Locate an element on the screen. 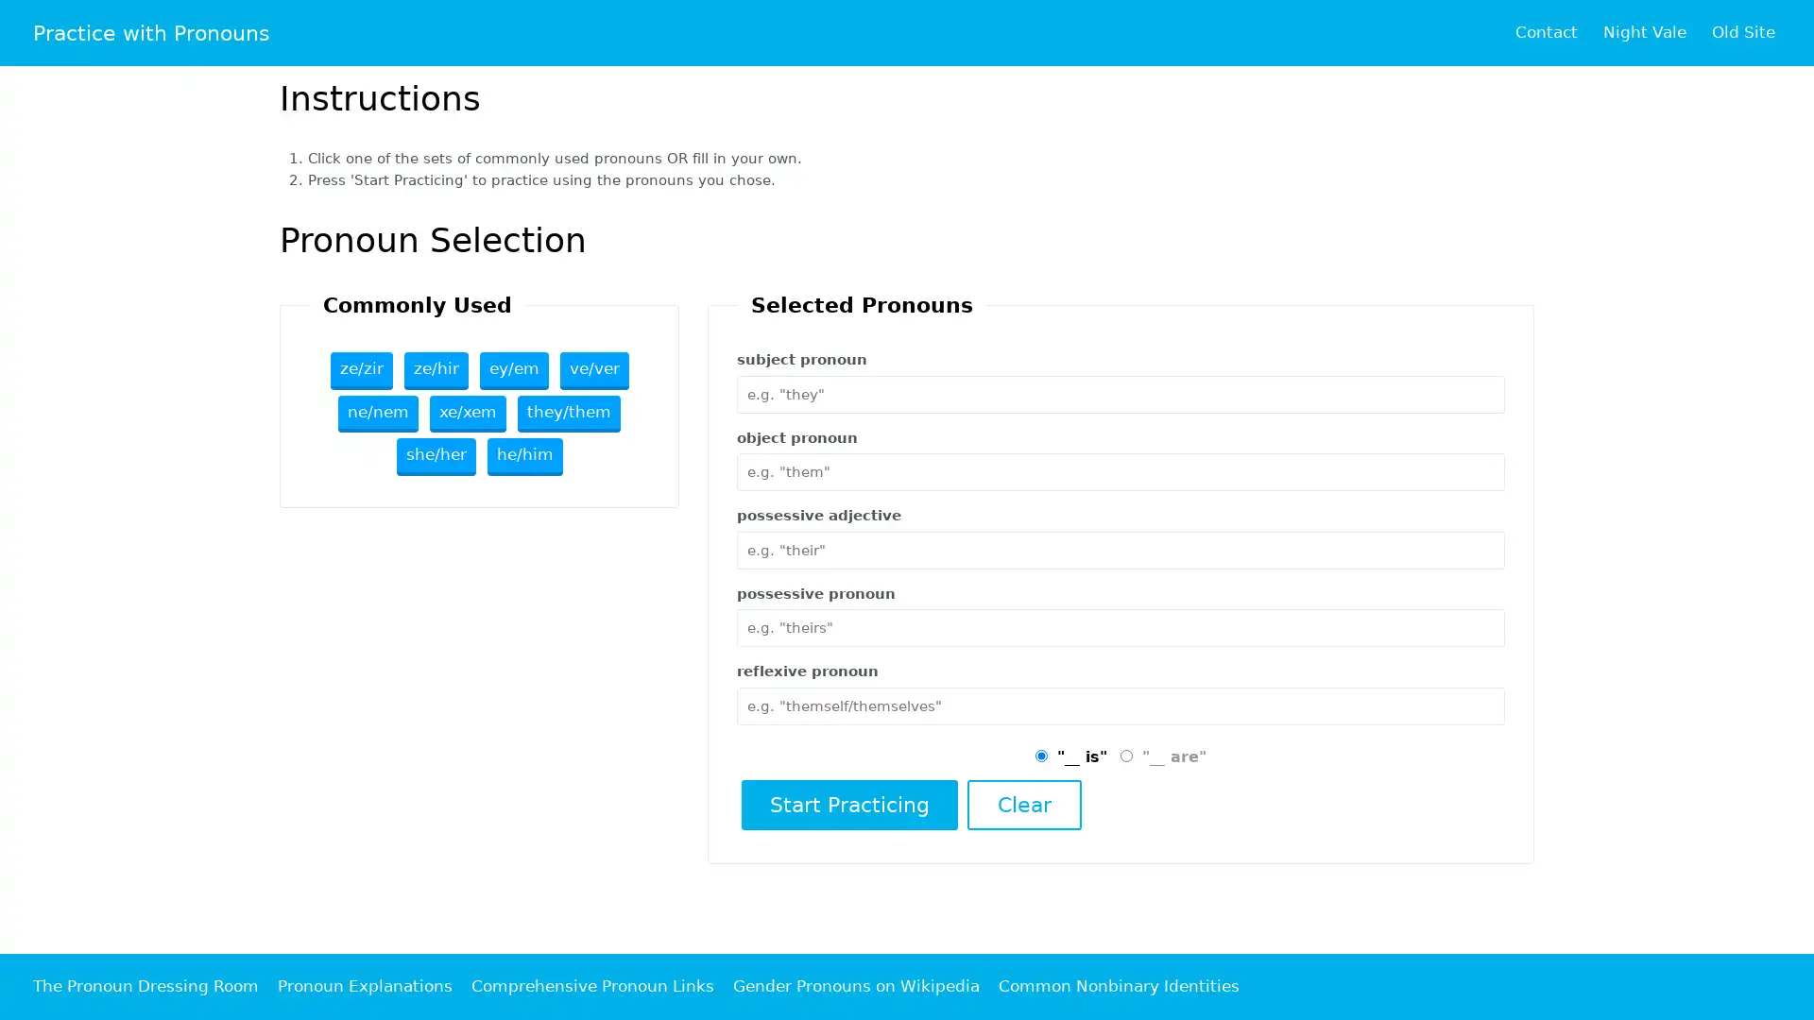 The width and height of the screenshot is (1814, 1020). she/her is located at coordinates (434, 456).